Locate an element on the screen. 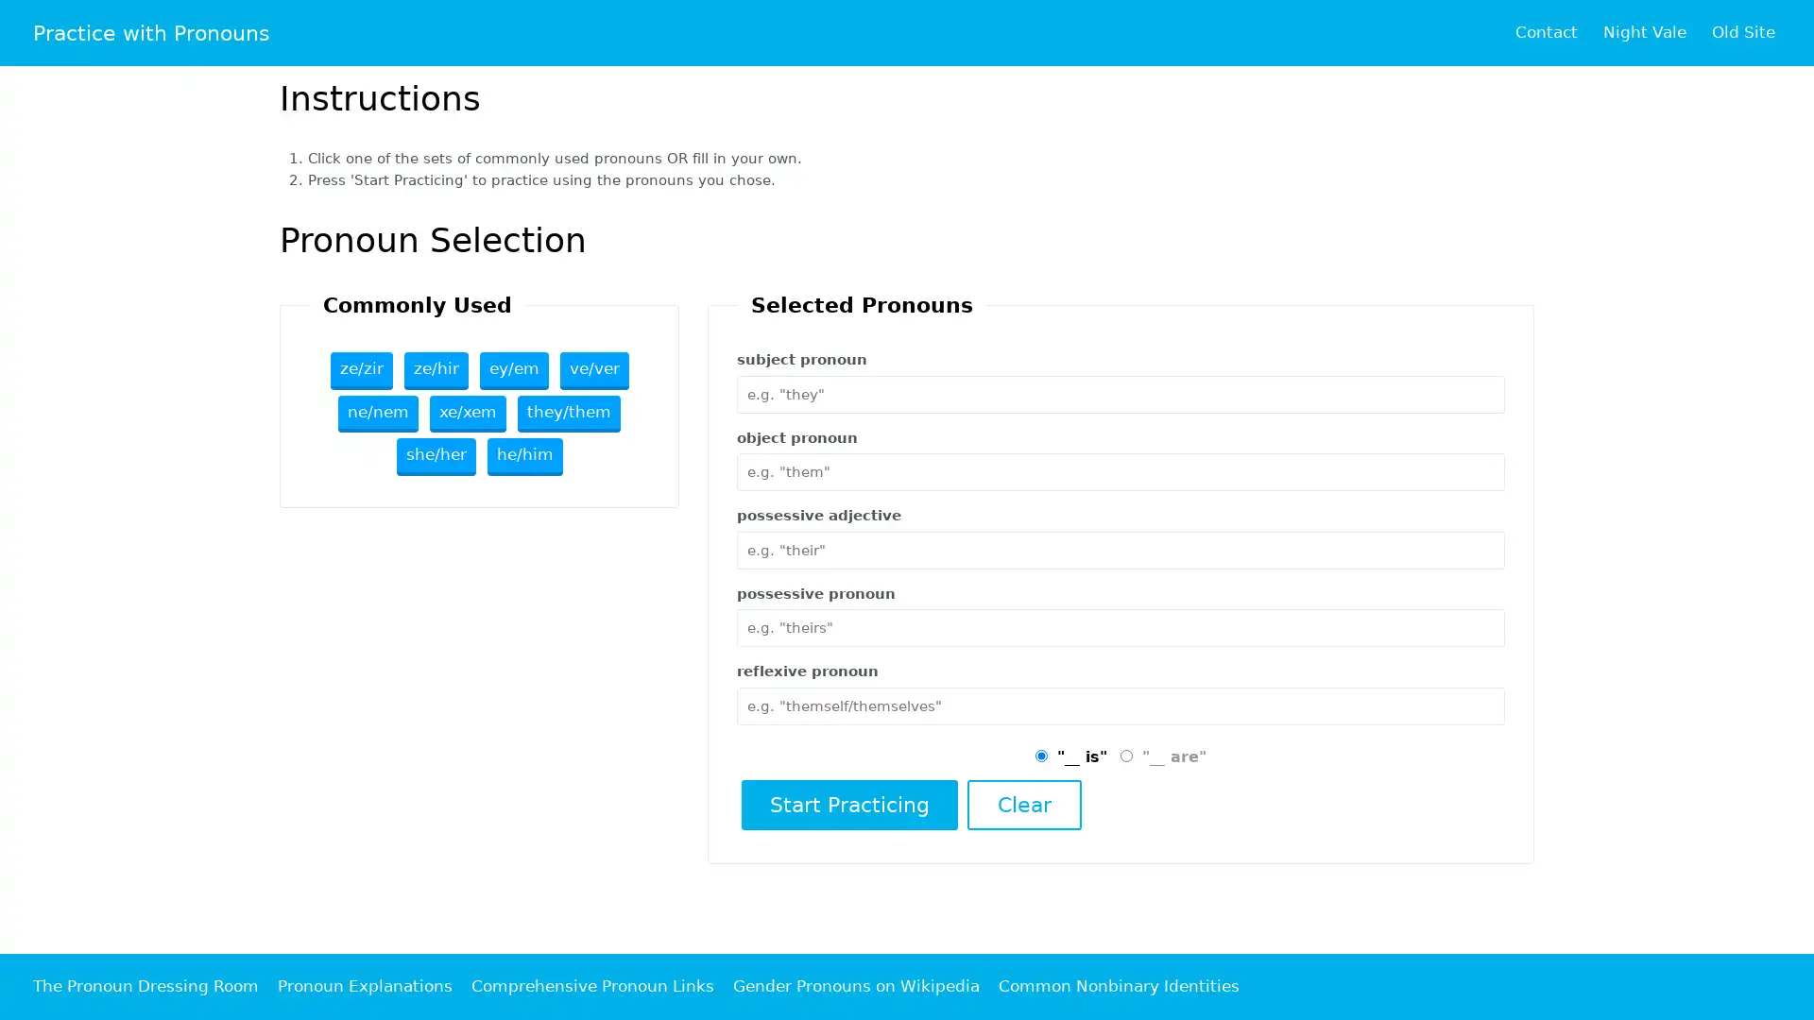 The width and height of the screenshot is (1814, 1020). she/her is located at coordinates (434, 456).